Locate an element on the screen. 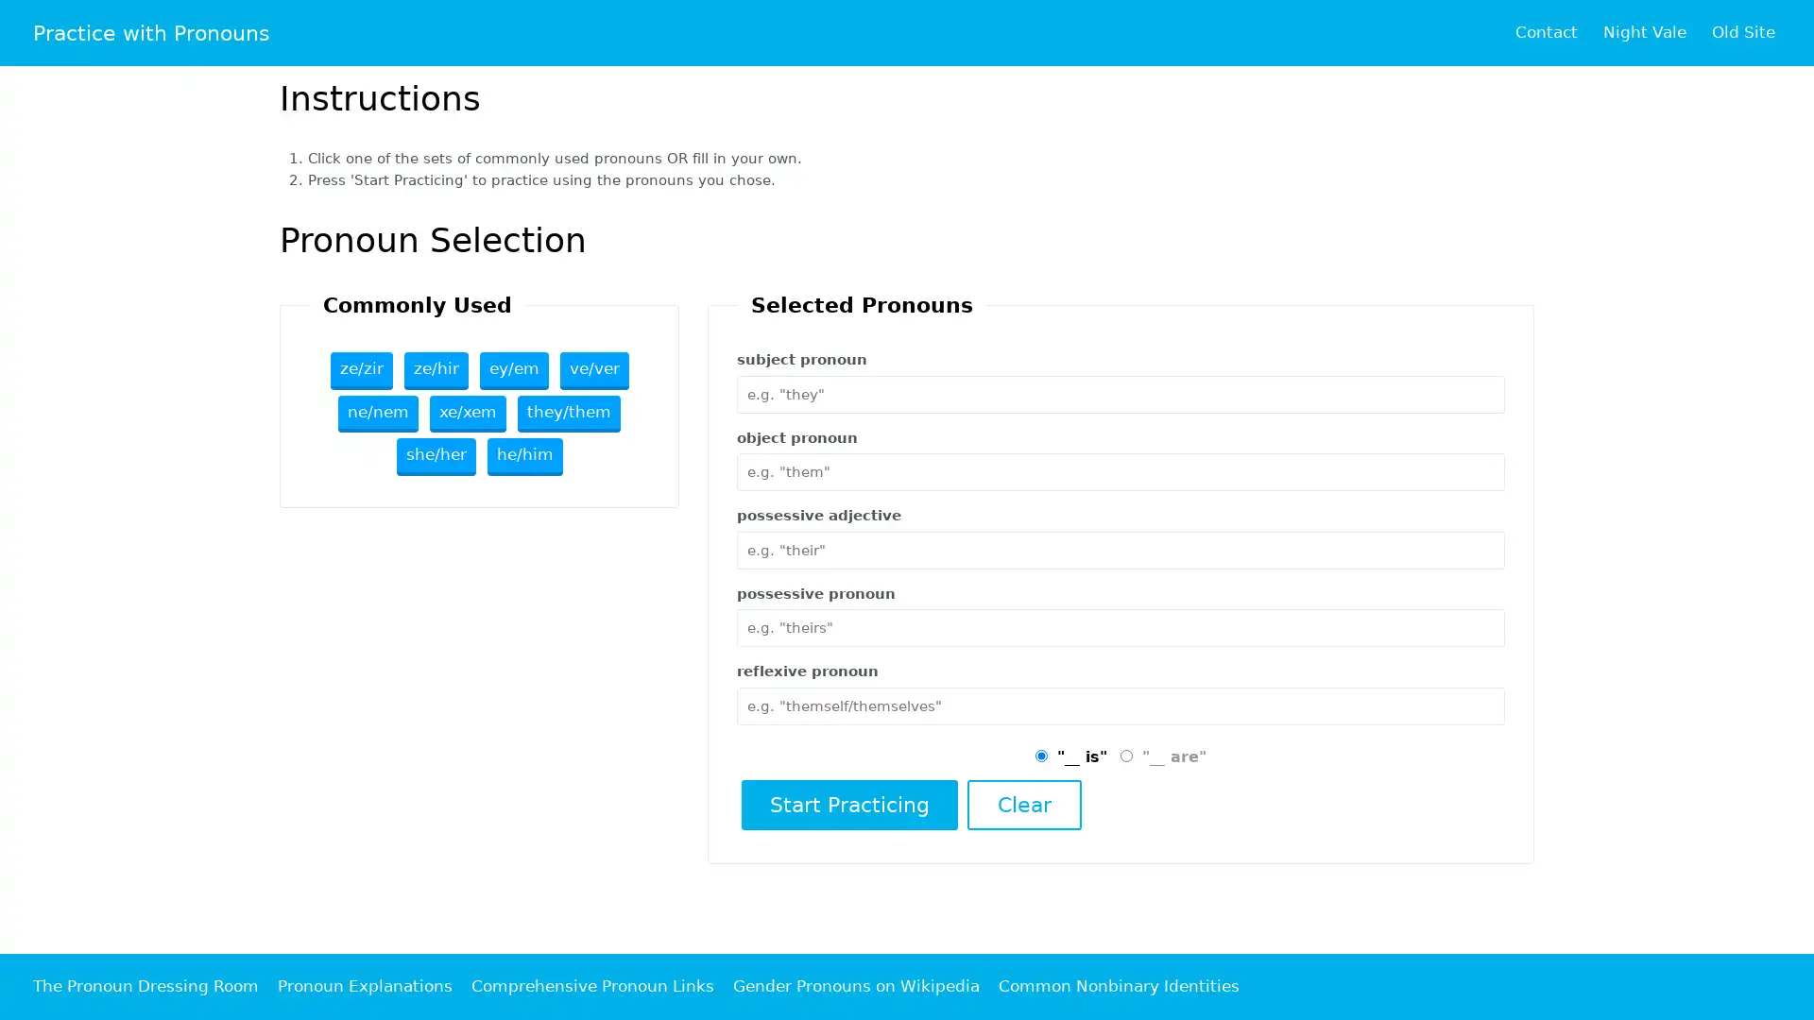 The width and height of the screenshot is (1814, 1020). she/her is located at coordinates (434, 456).